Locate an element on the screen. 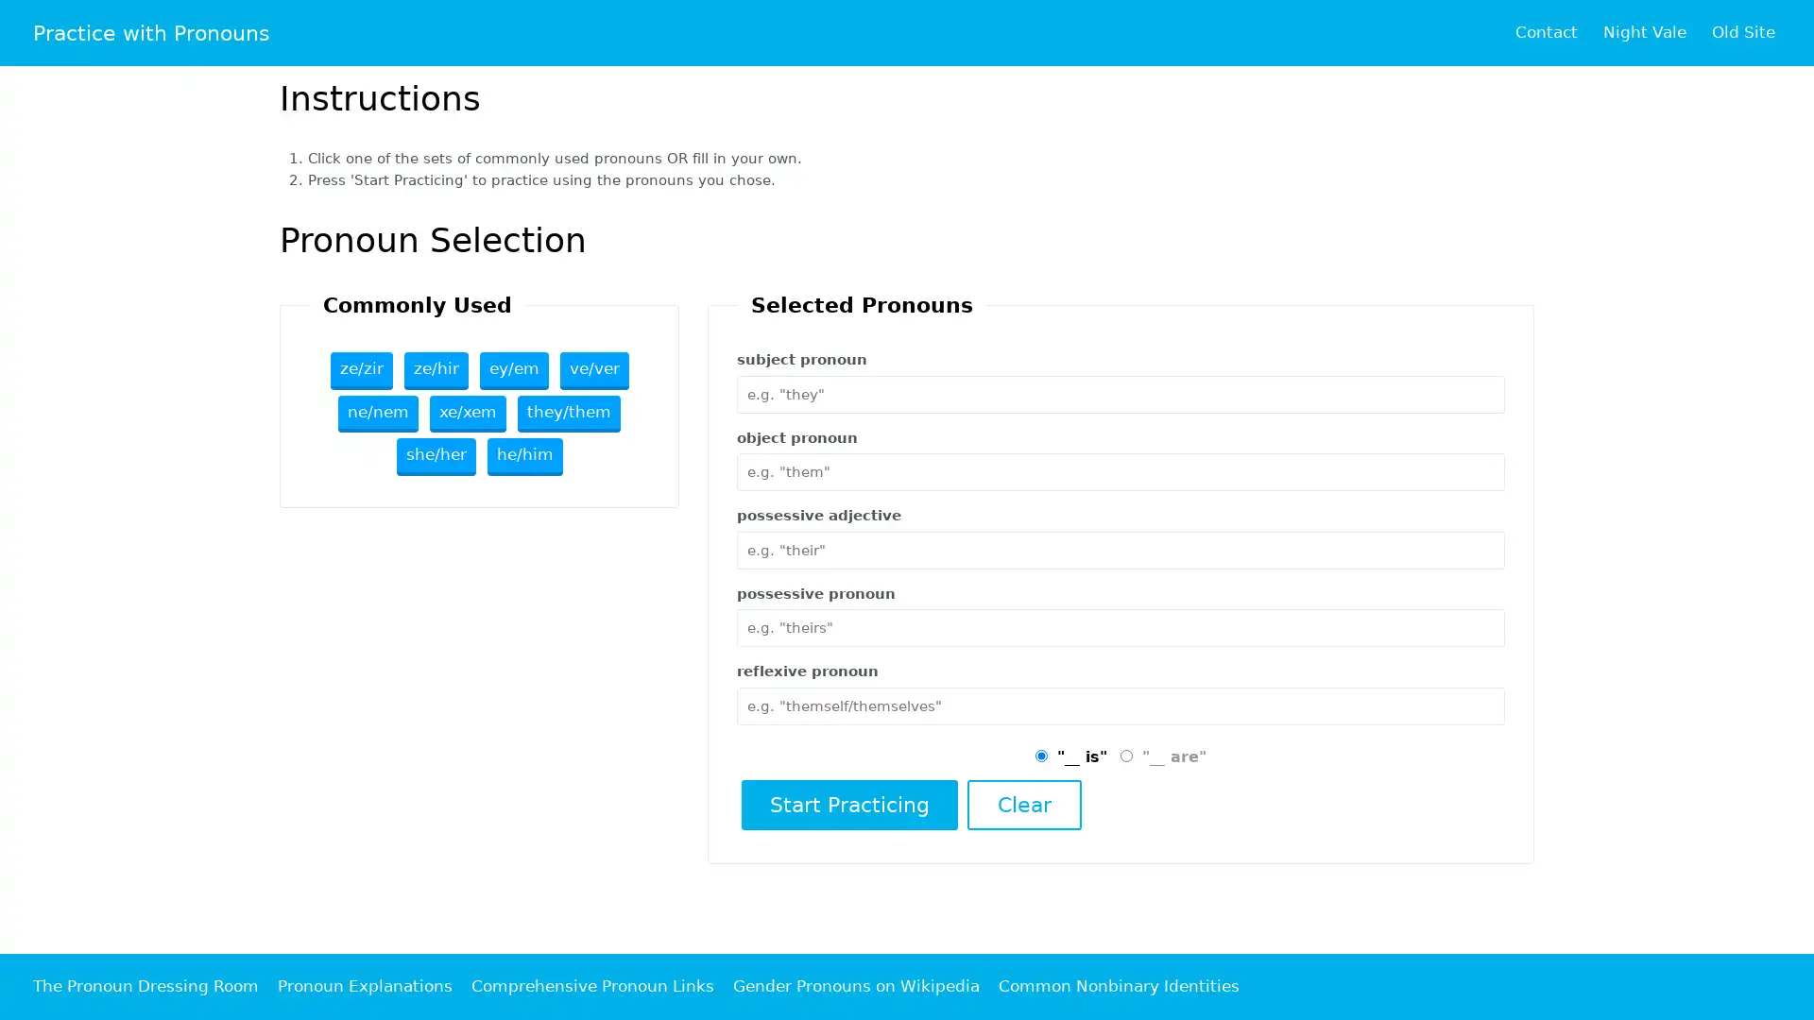 The width and height of the screenshot is (1814, 1020). she/her is located at coordinates (434, 456).